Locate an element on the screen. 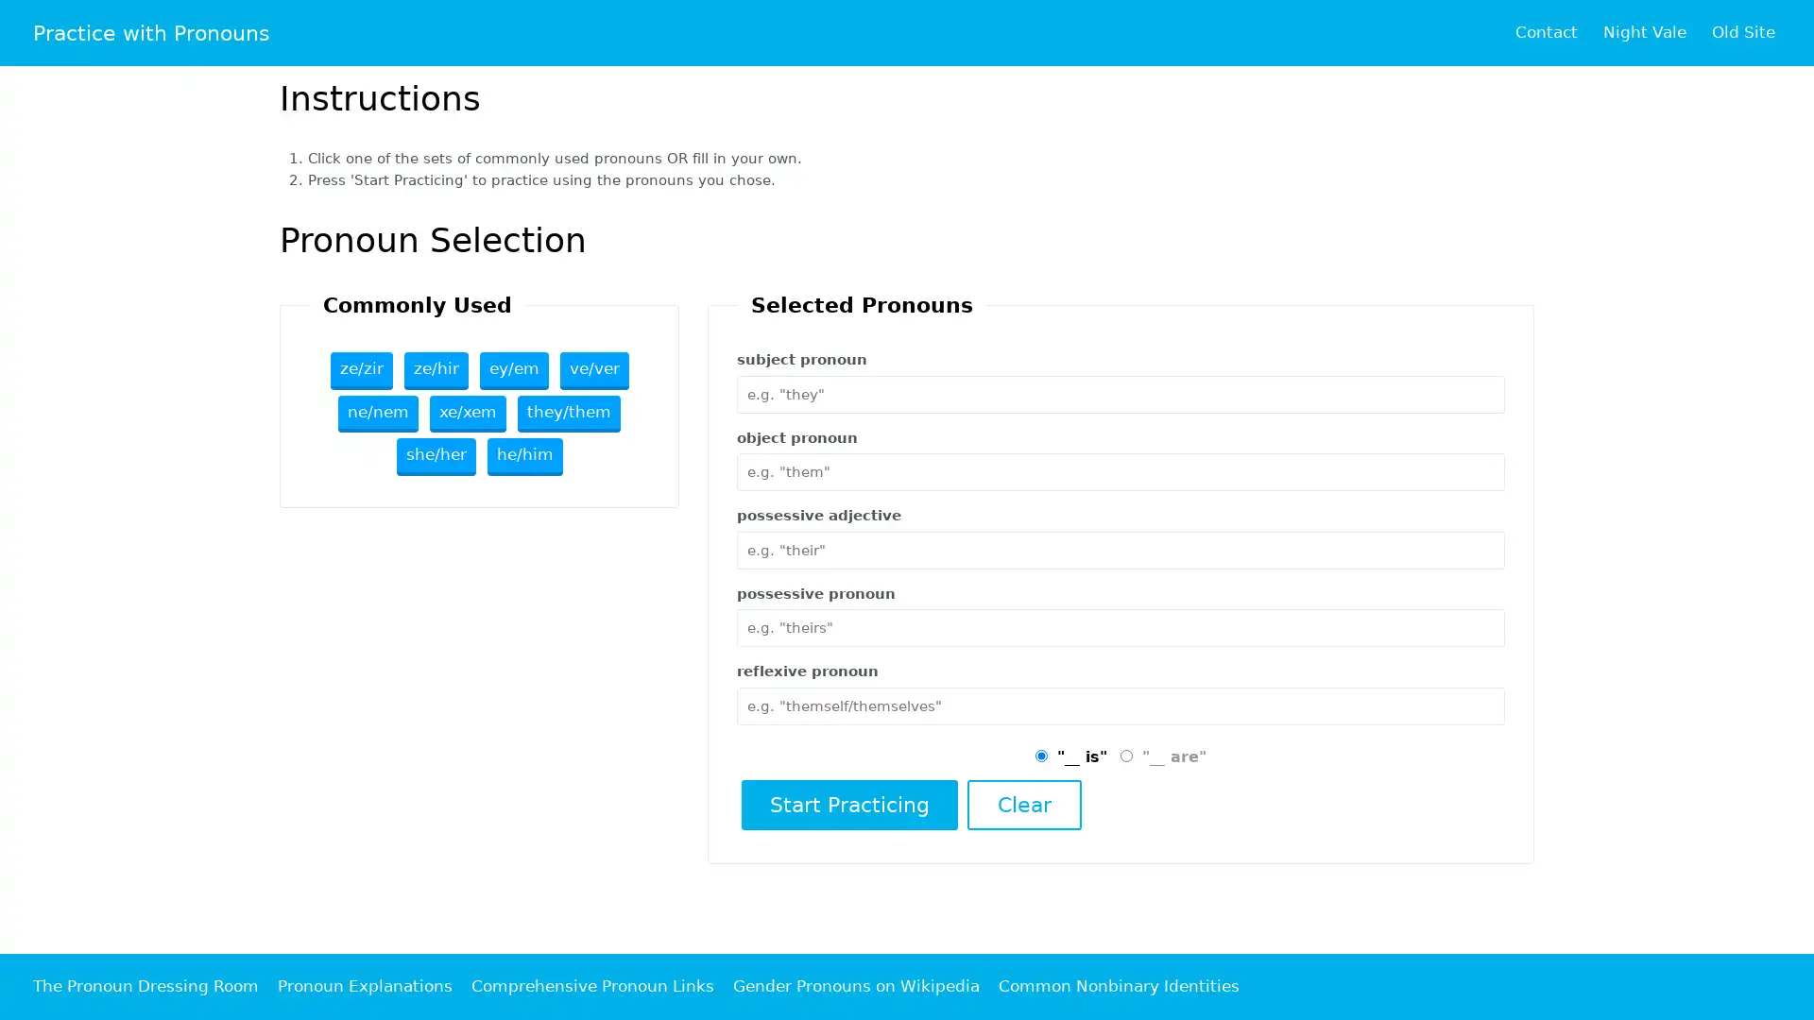 The width and height of the screenshot is (1814, 1020). she/her is located at coordinates (434, 456).